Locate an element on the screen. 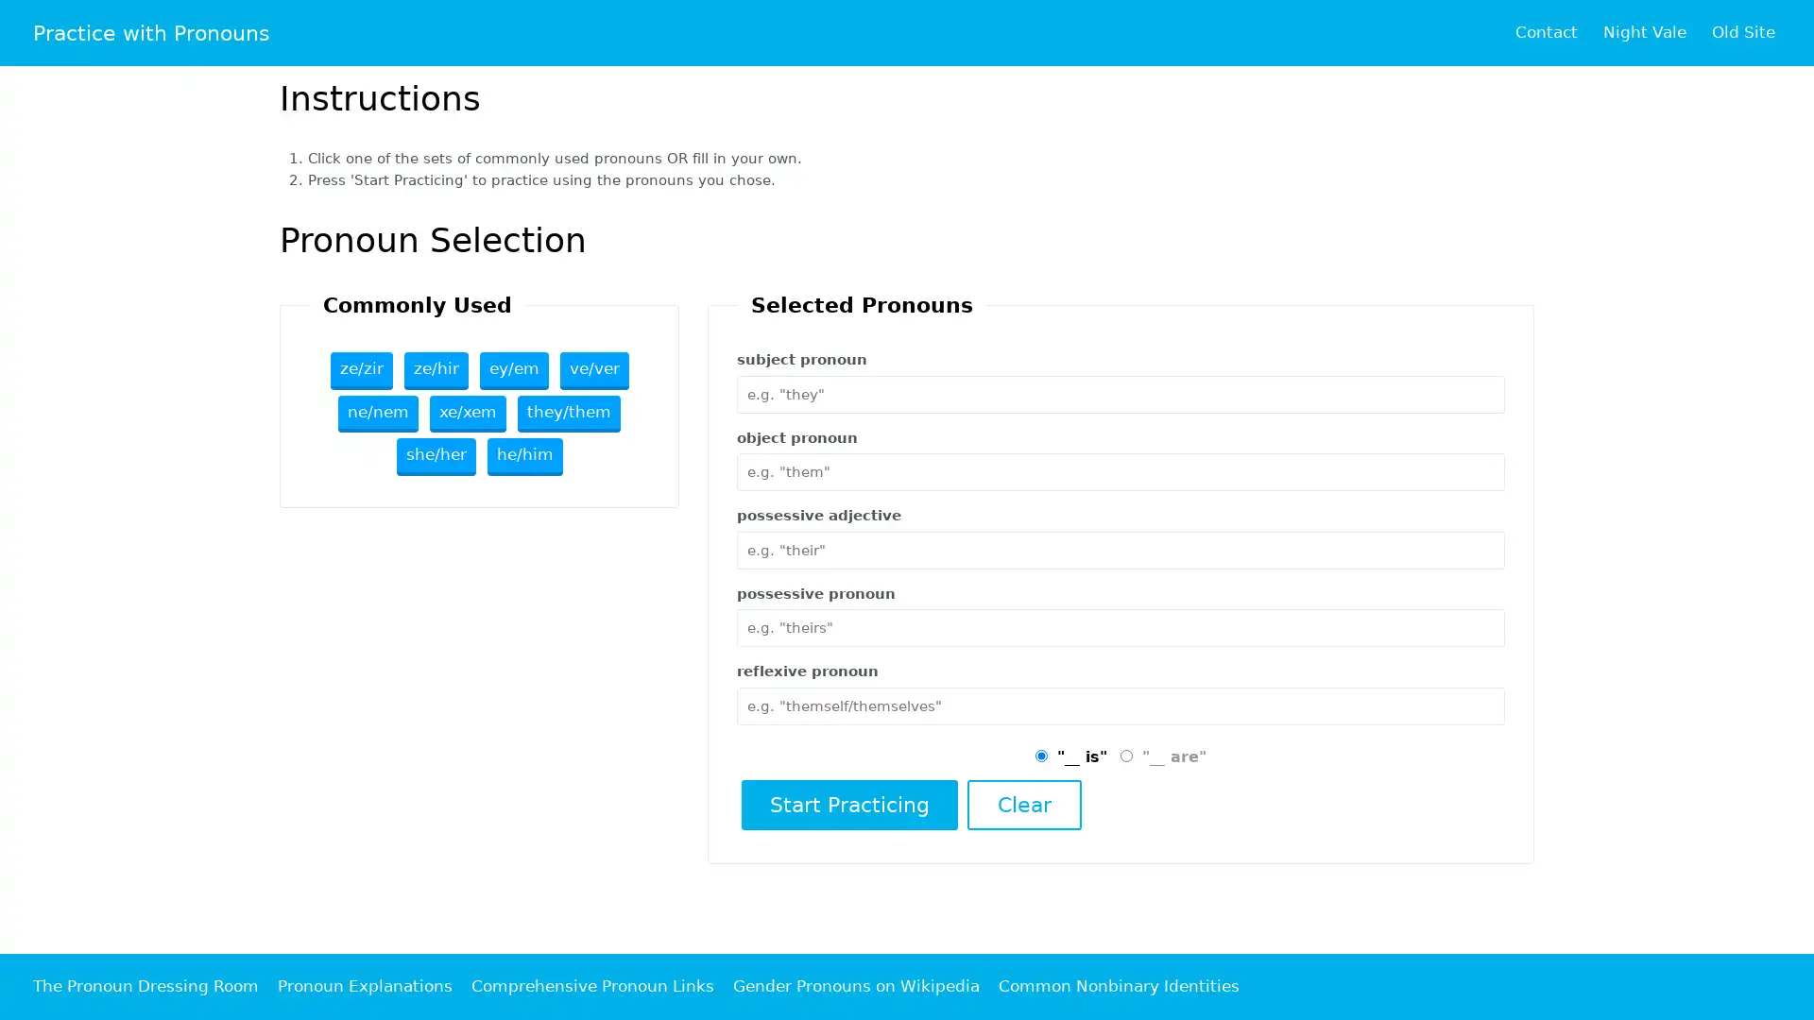 The width and height of the screenshot is (1814, 1020). she/her is located at coordinates (434, 456).